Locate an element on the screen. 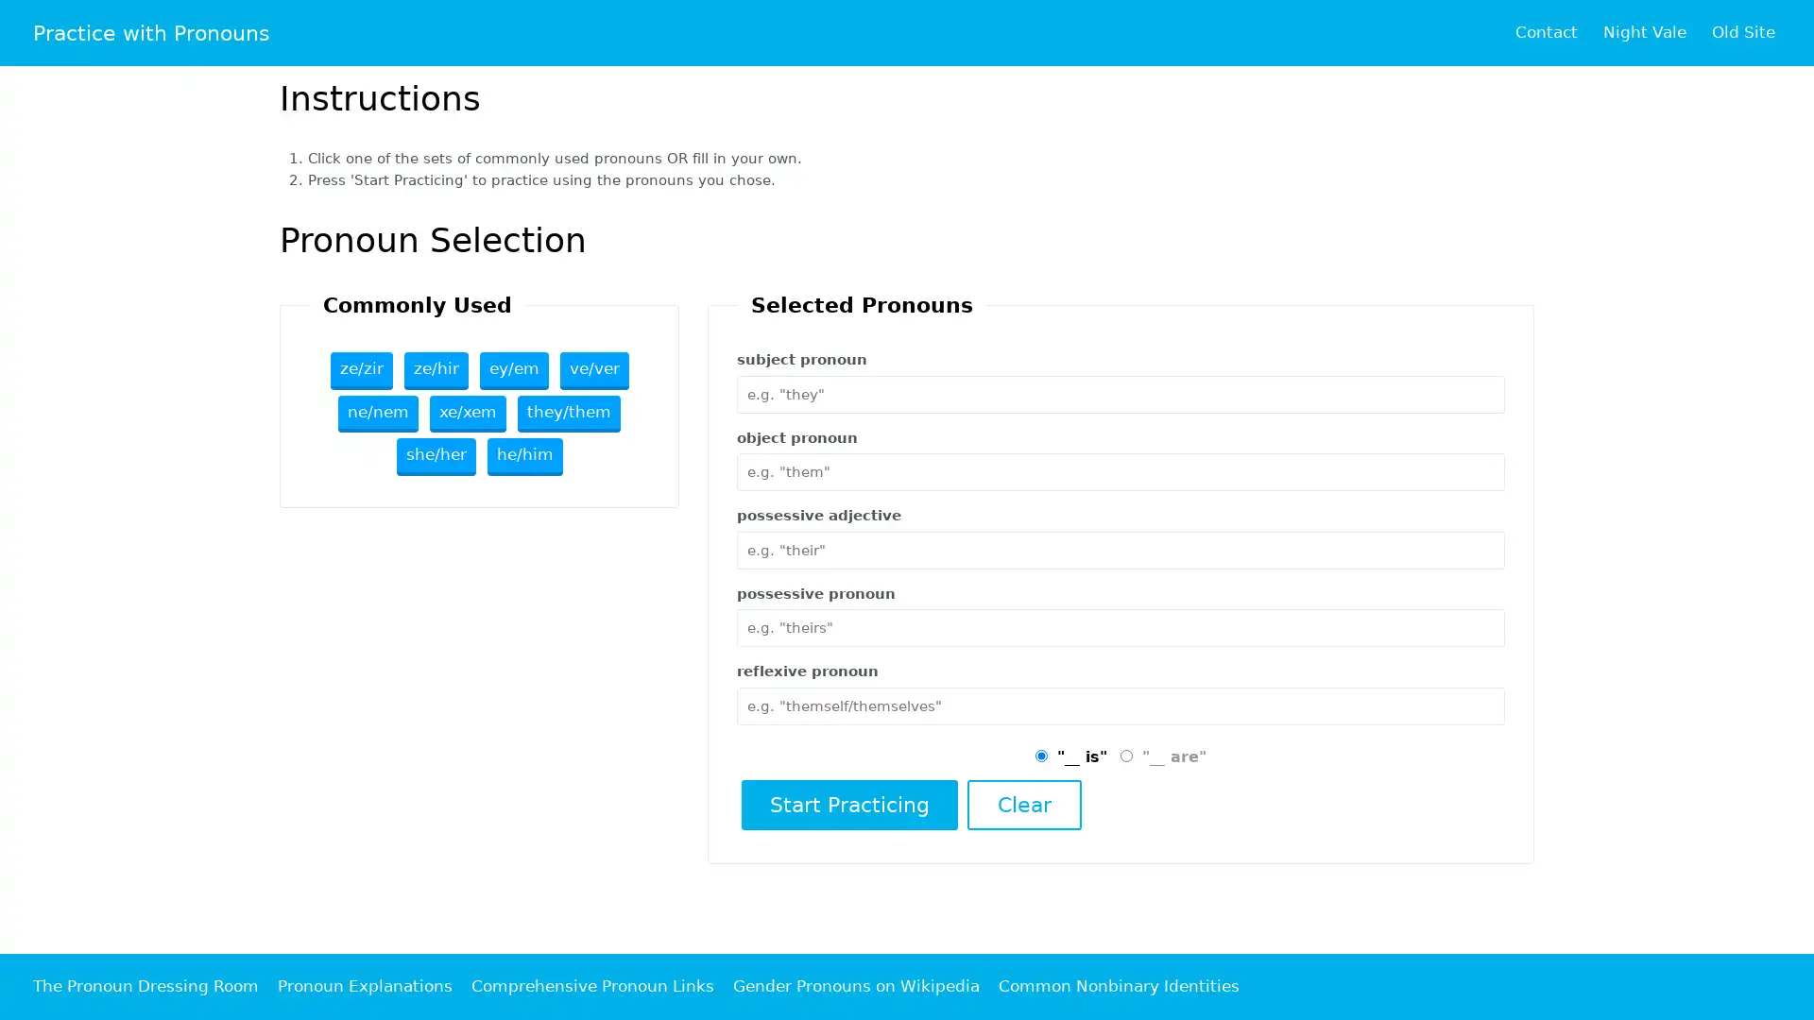 The width and height of the screenshot is (1814, 1020). she/her is located at coordinates (434, 456).